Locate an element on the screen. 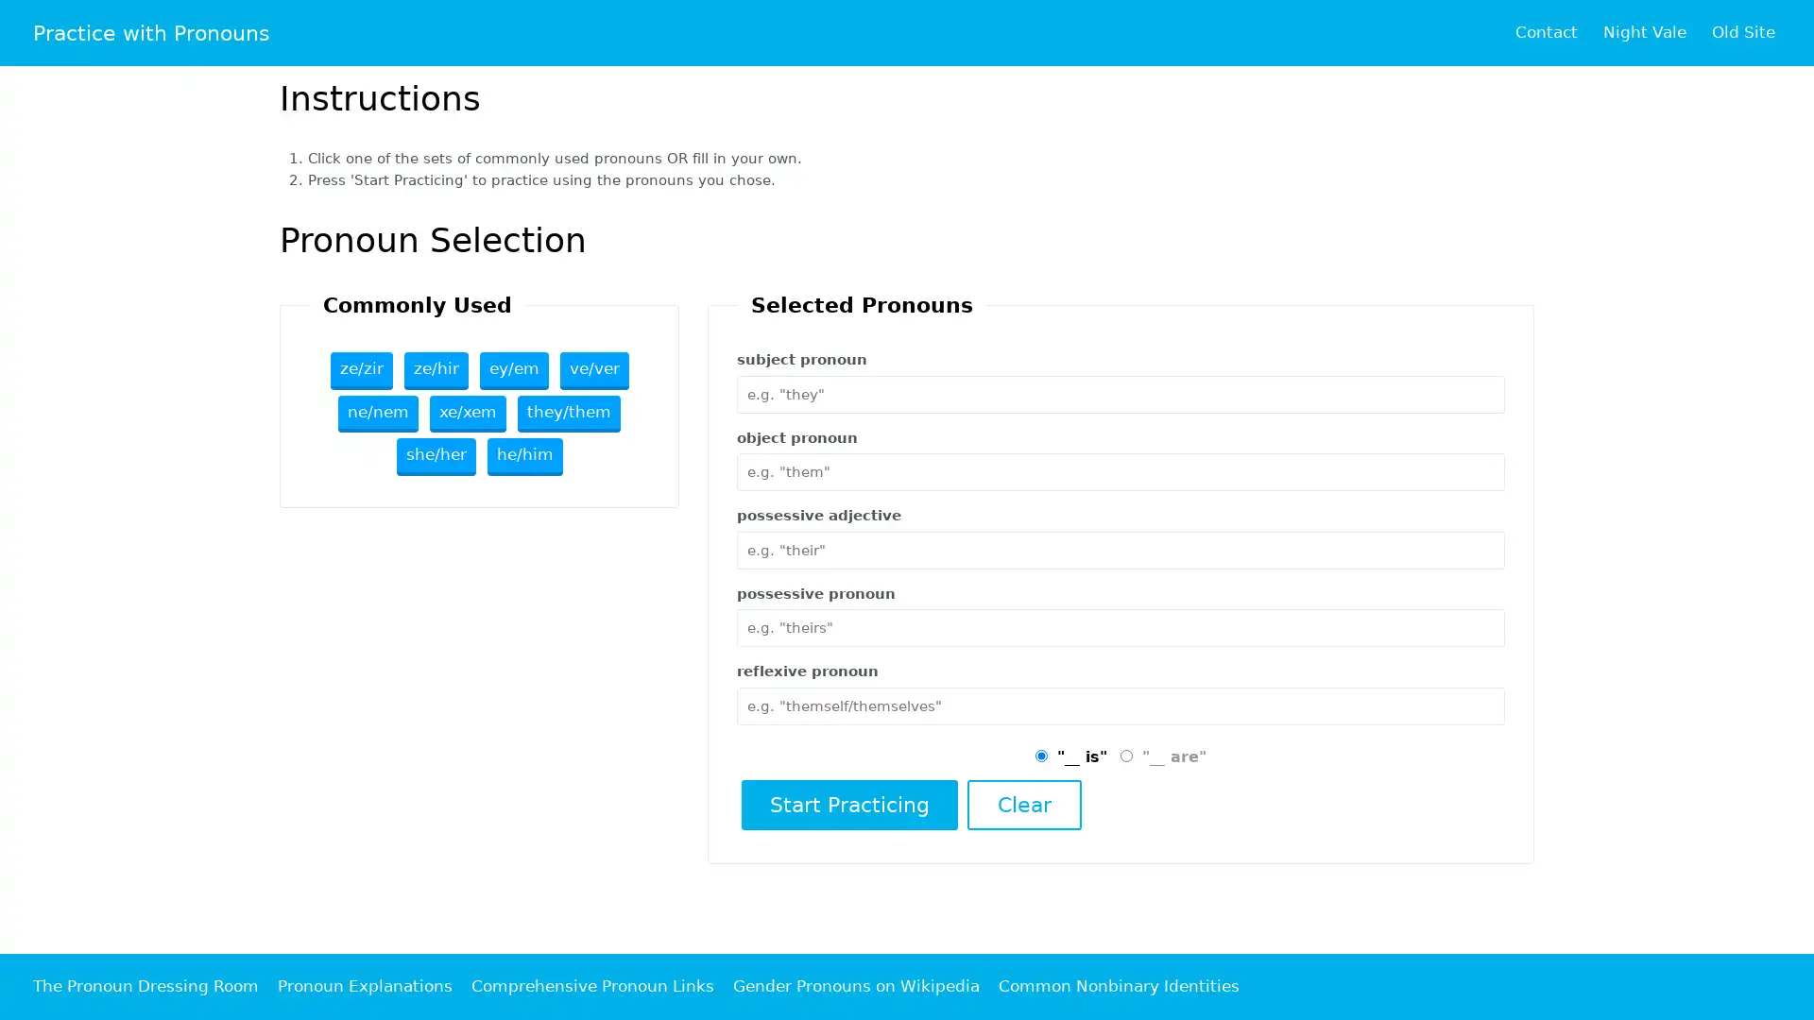 The width and height of the screenshot is (1814, 1020). she/her is located at coordinates (434, 456).